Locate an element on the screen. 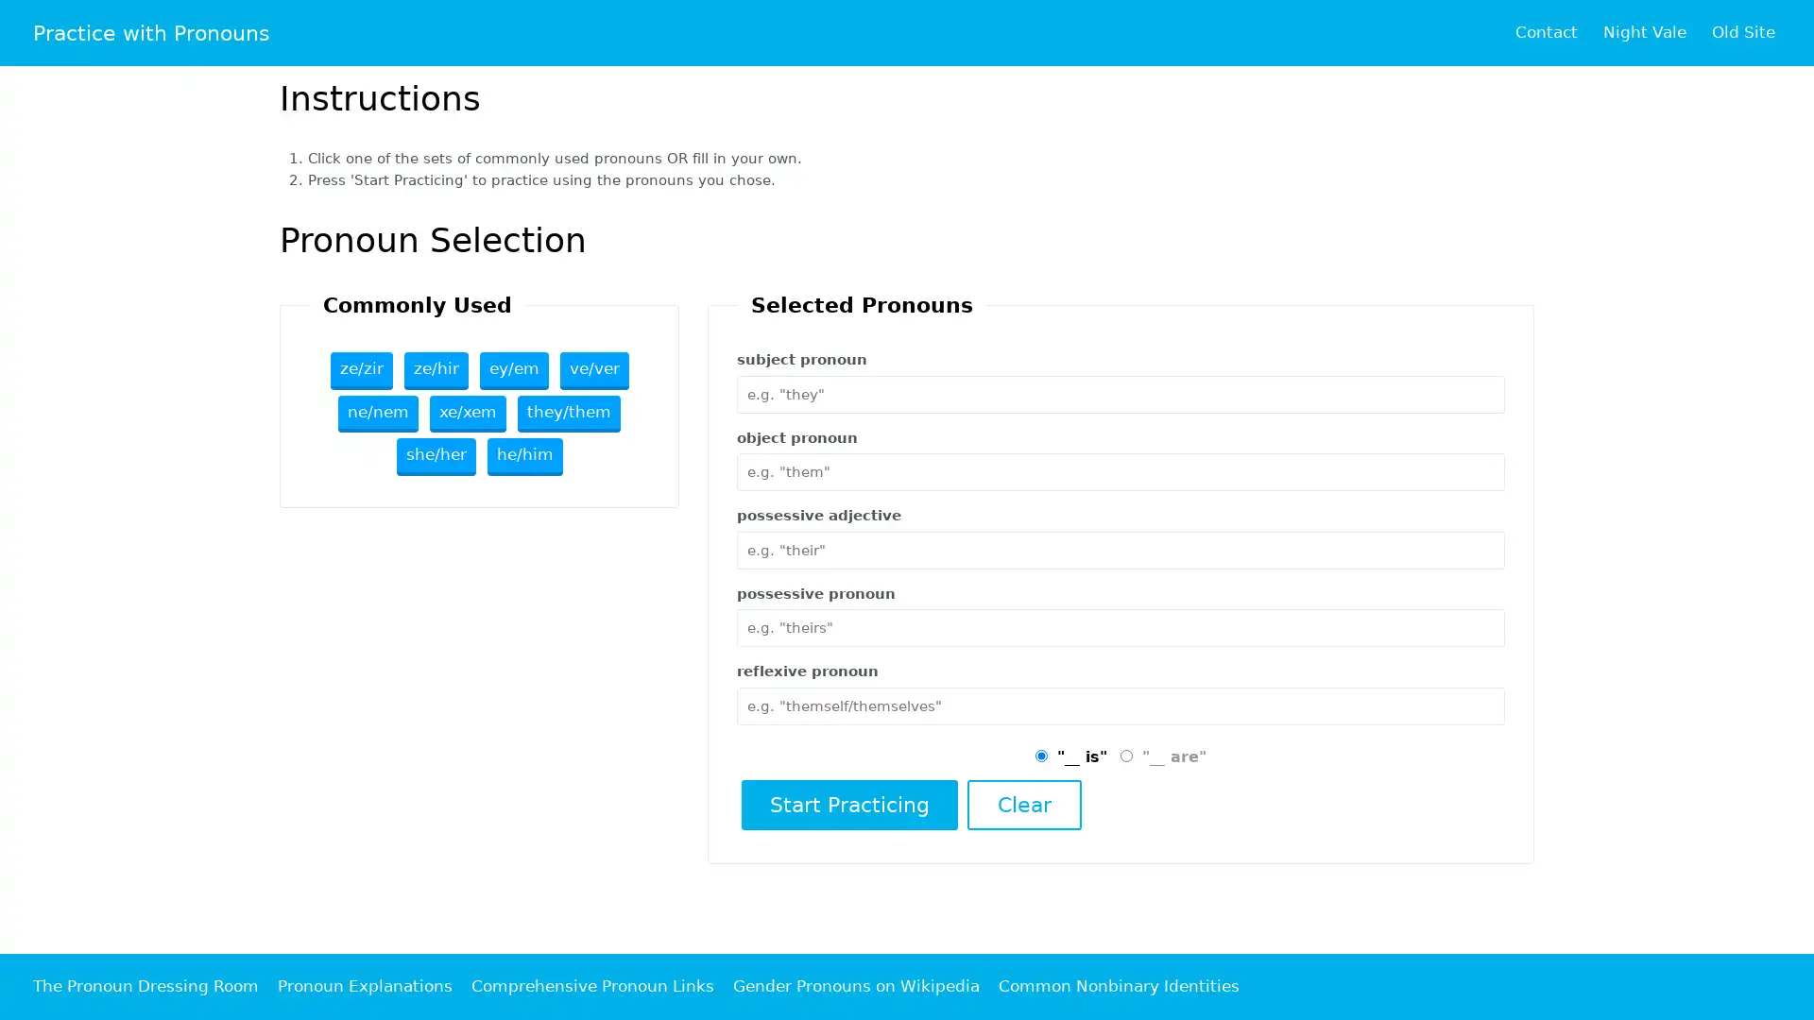 The width and height of the screenshot is (1814, 1020). she/her is located at coordinates (434, 456).